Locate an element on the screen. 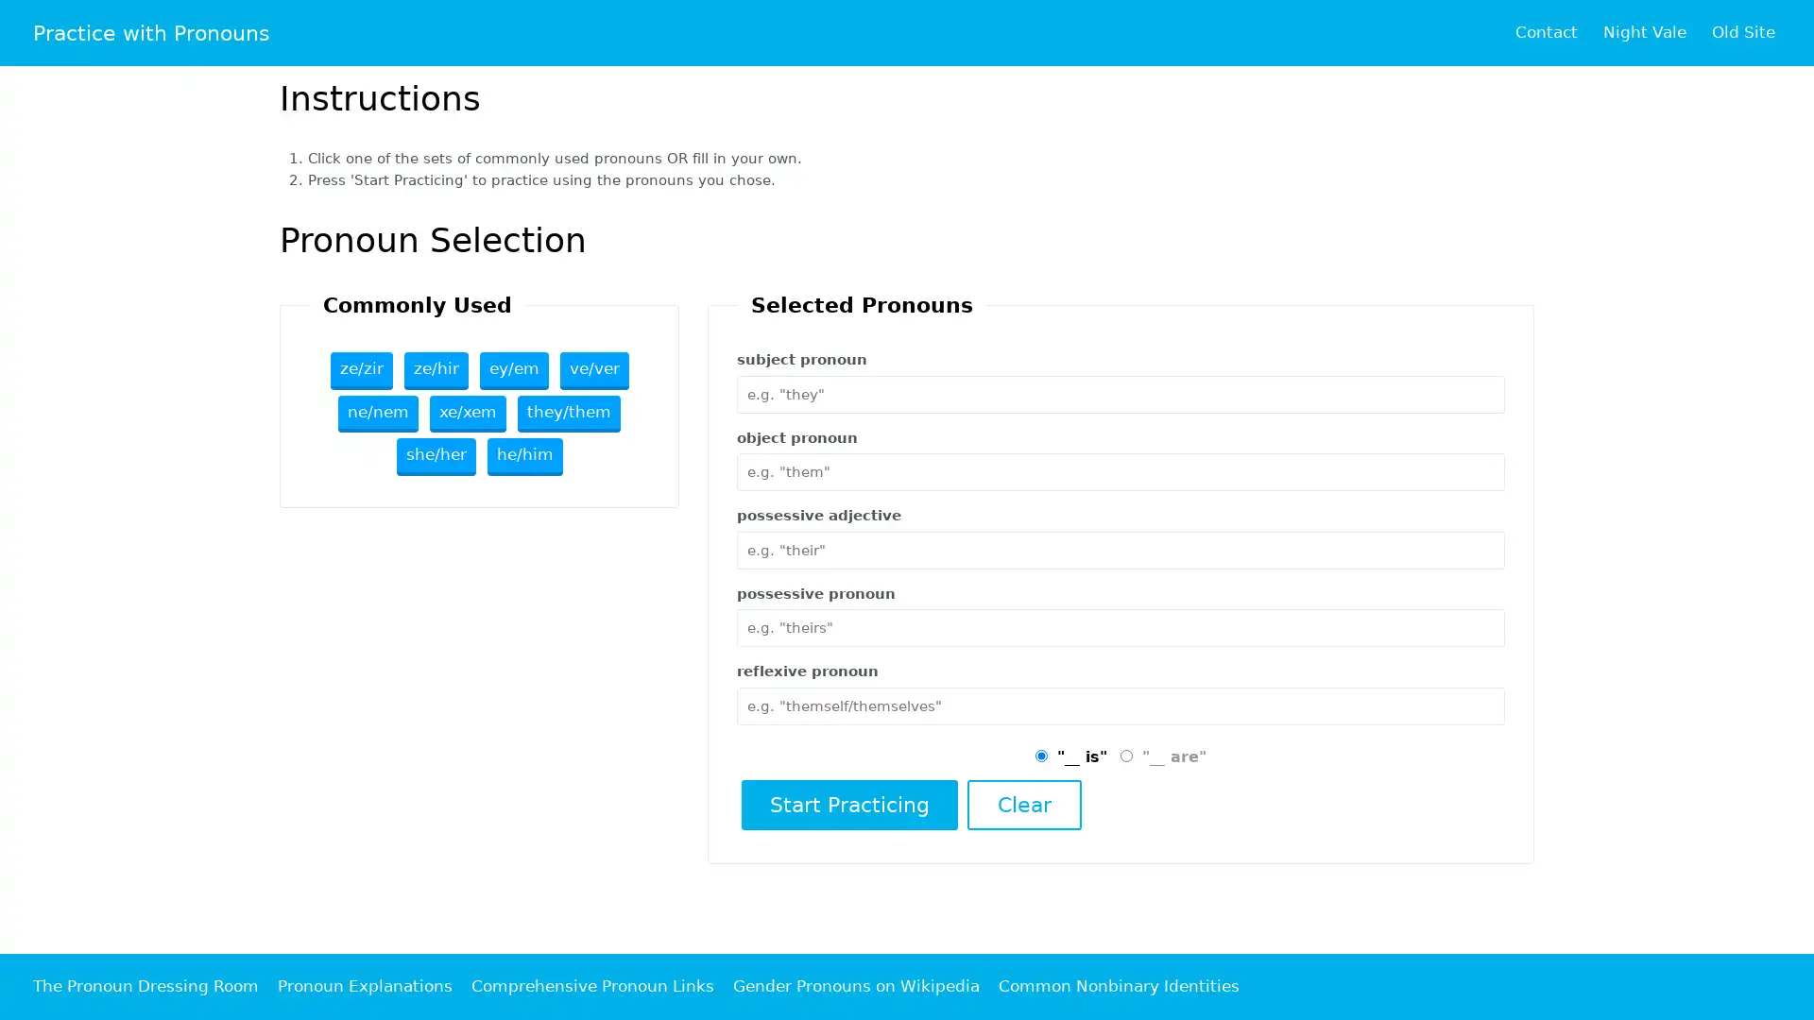 The width and height of the screenshot is (1814, 1020). she/her is located at coordinates (434, 456).